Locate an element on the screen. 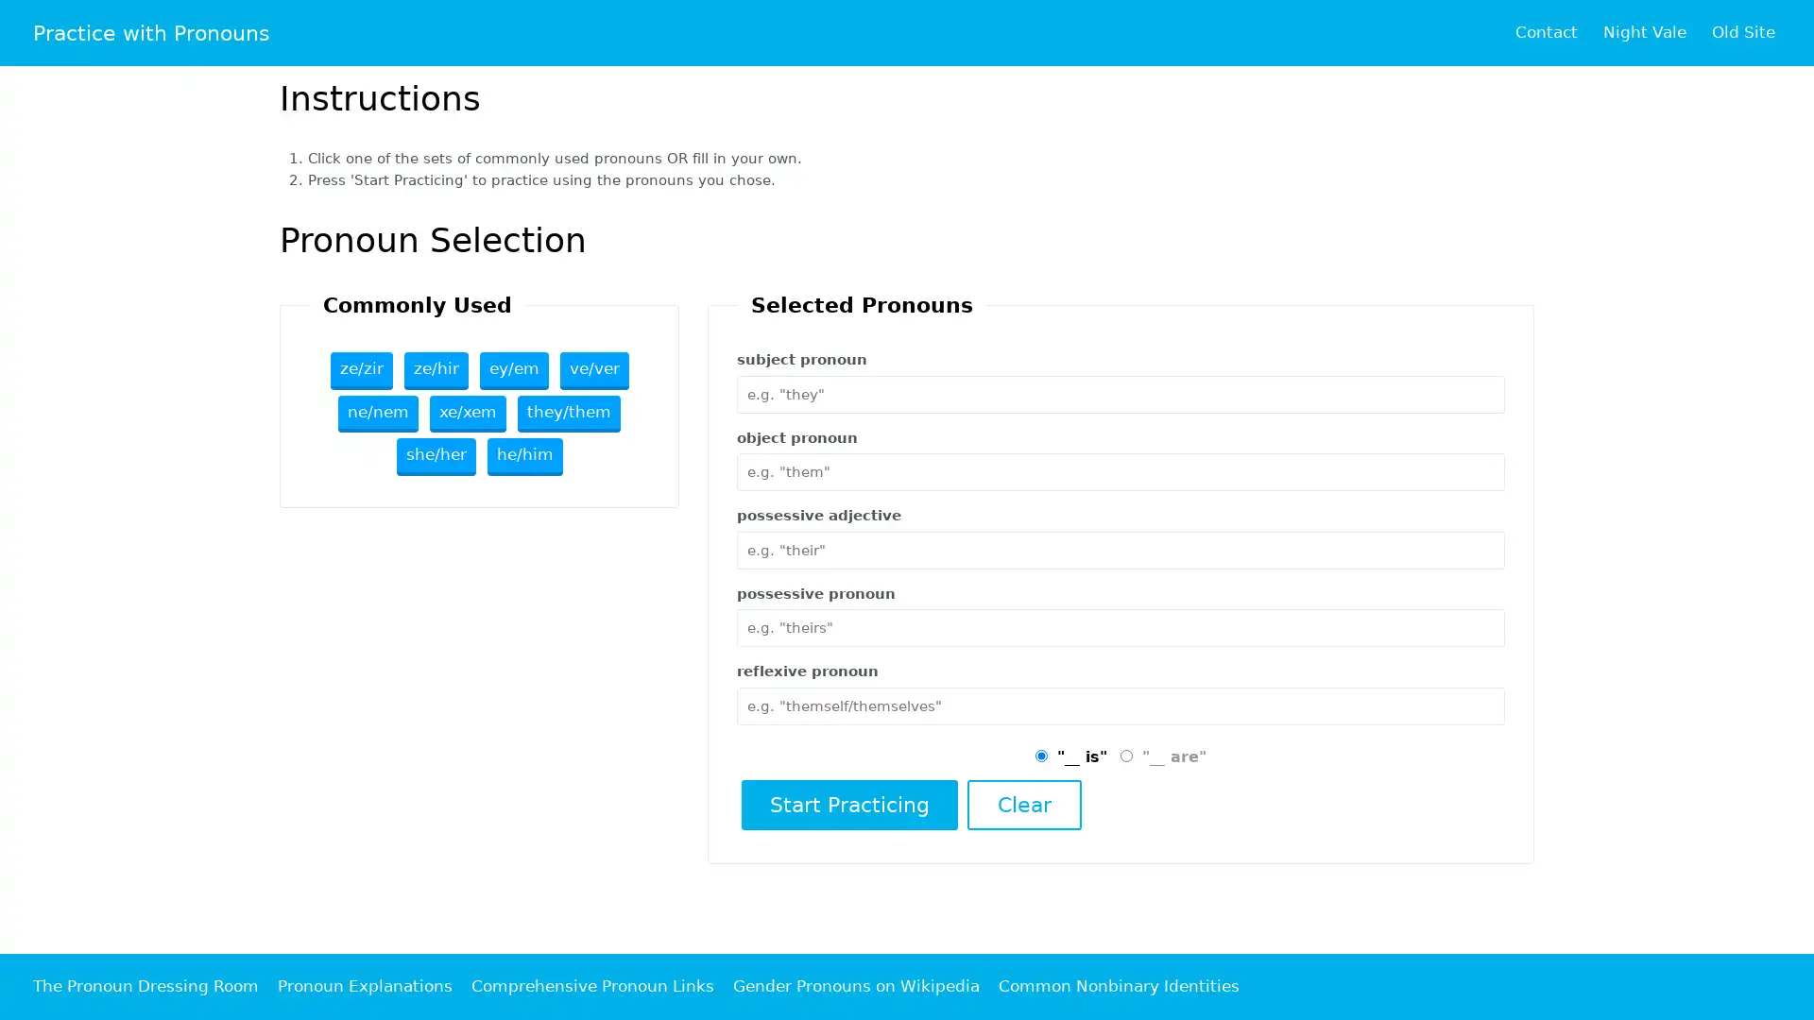 The width and height of the screenshot is (1814, 1020). she/her is located at coordinates (434, 456).